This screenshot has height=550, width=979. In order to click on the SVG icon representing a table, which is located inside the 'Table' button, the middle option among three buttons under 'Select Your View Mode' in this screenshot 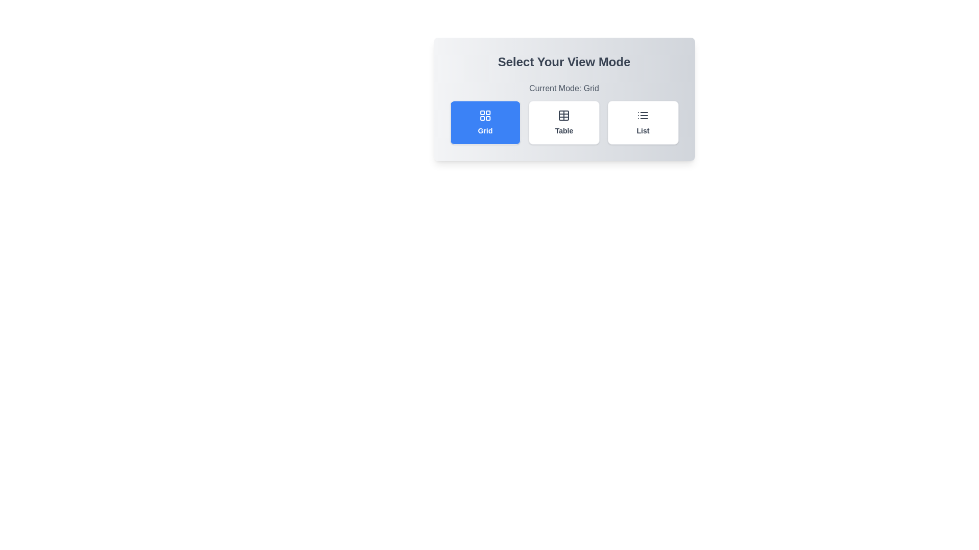, I will do `click(563, 115)`.